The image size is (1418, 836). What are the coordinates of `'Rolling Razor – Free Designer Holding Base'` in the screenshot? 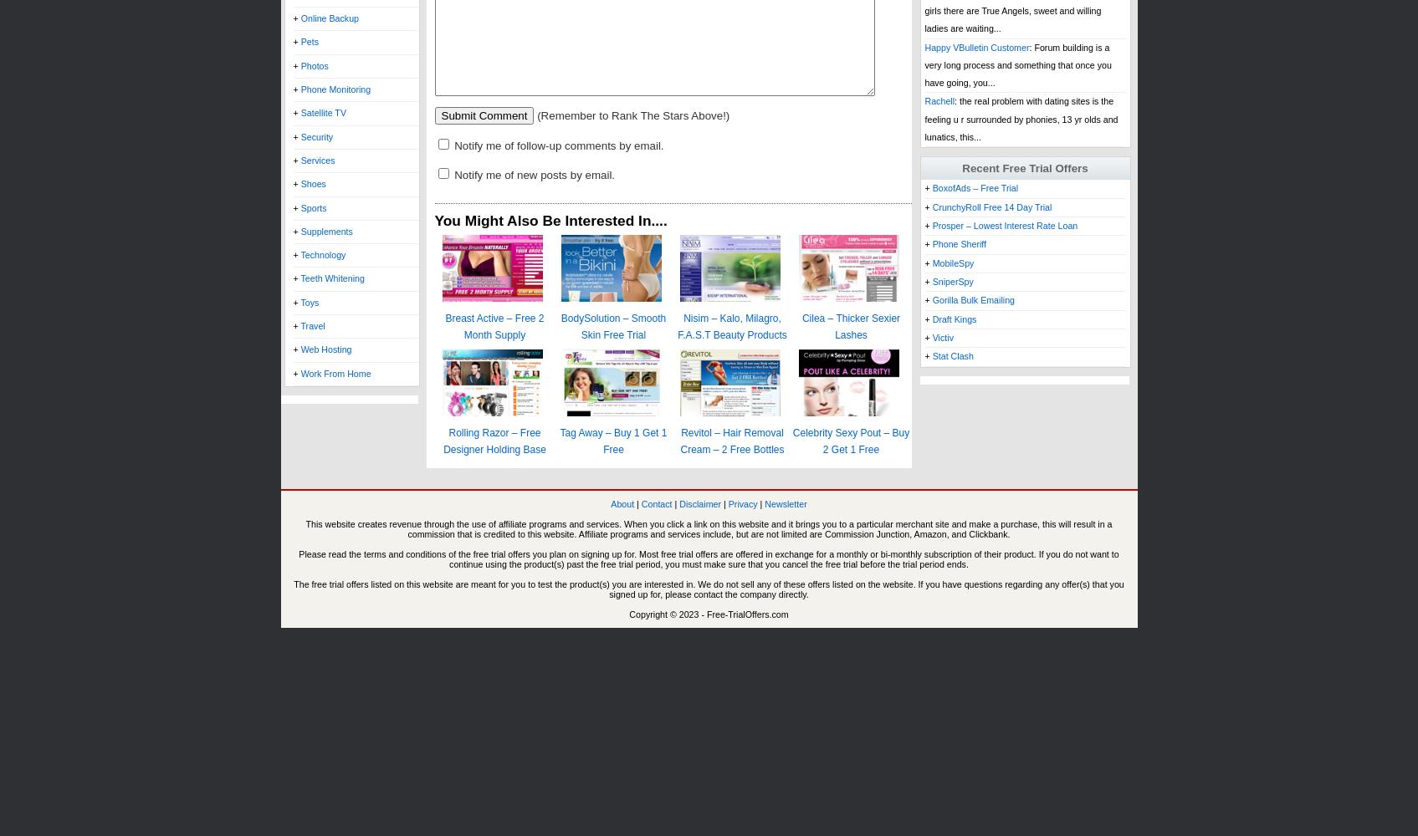 It's located at (494, 441).